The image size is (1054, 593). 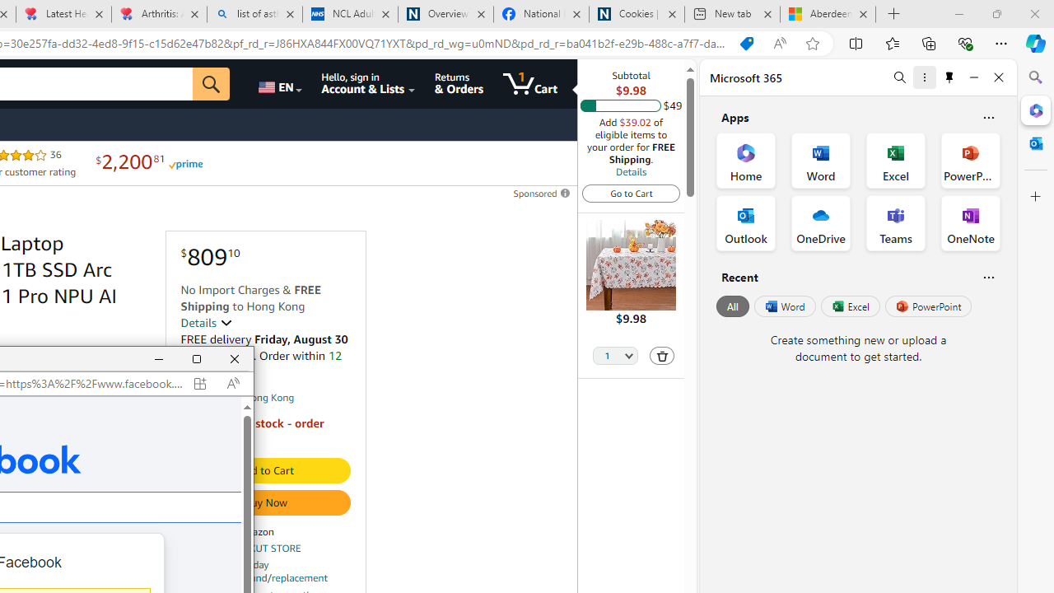 I want to click on 'Aberdeen, Hong Kong SAR hourly forecast | Microsoft Weather', so click(x=828, y=14).